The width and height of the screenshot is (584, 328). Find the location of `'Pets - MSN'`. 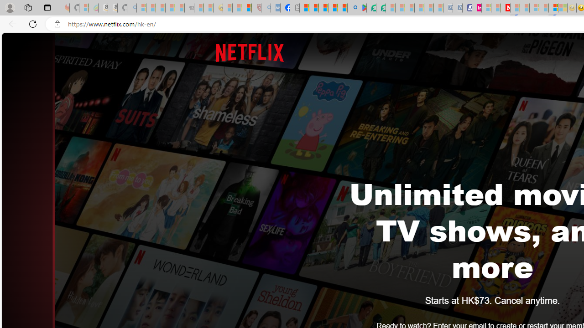

'Pets - MSN' is located at coordinates (332, 8).